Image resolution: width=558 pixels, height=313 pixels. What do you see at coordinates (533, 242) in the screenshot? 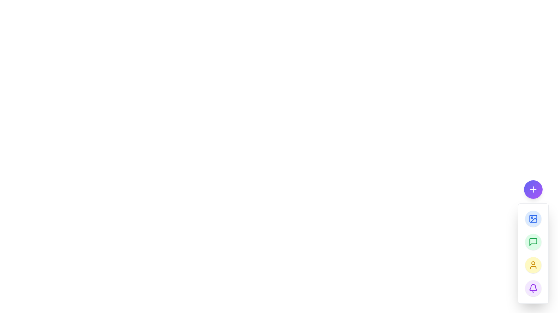
I see `the green rounded square icon button with a minimalist speech bubble design` at bounding box center [533, 242].